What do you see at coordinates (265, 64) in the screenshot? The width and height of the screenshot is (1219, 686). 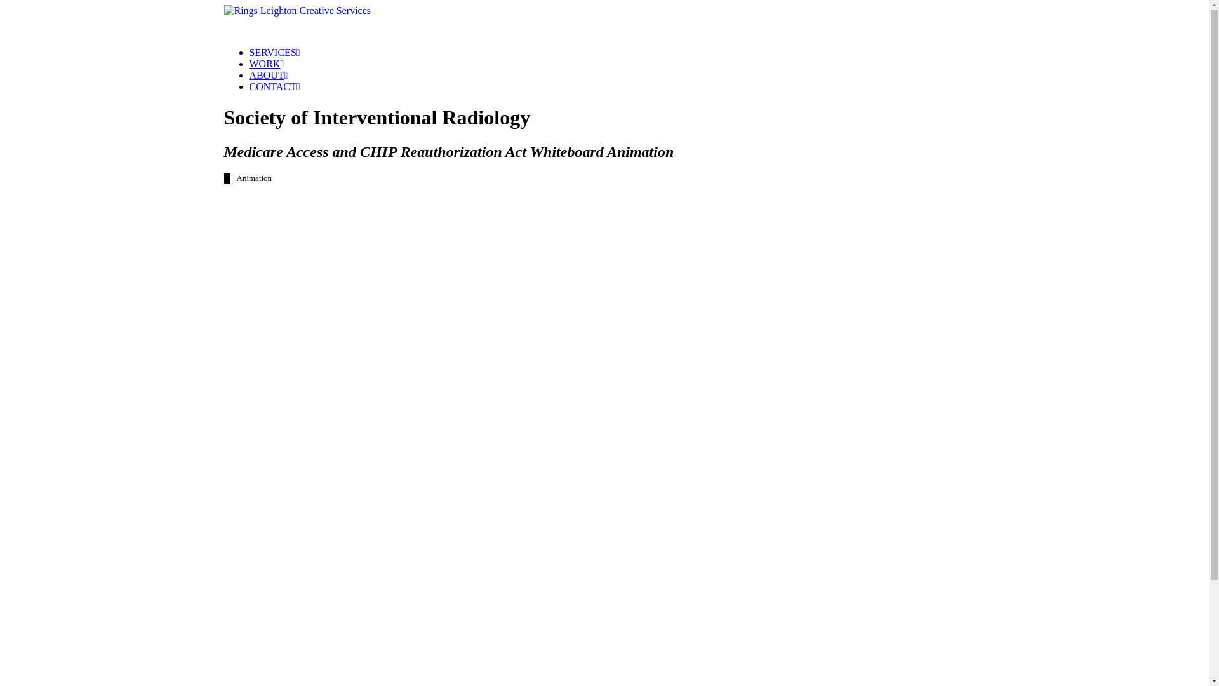 I see `'WORK'` at bounding box center [265, 64].